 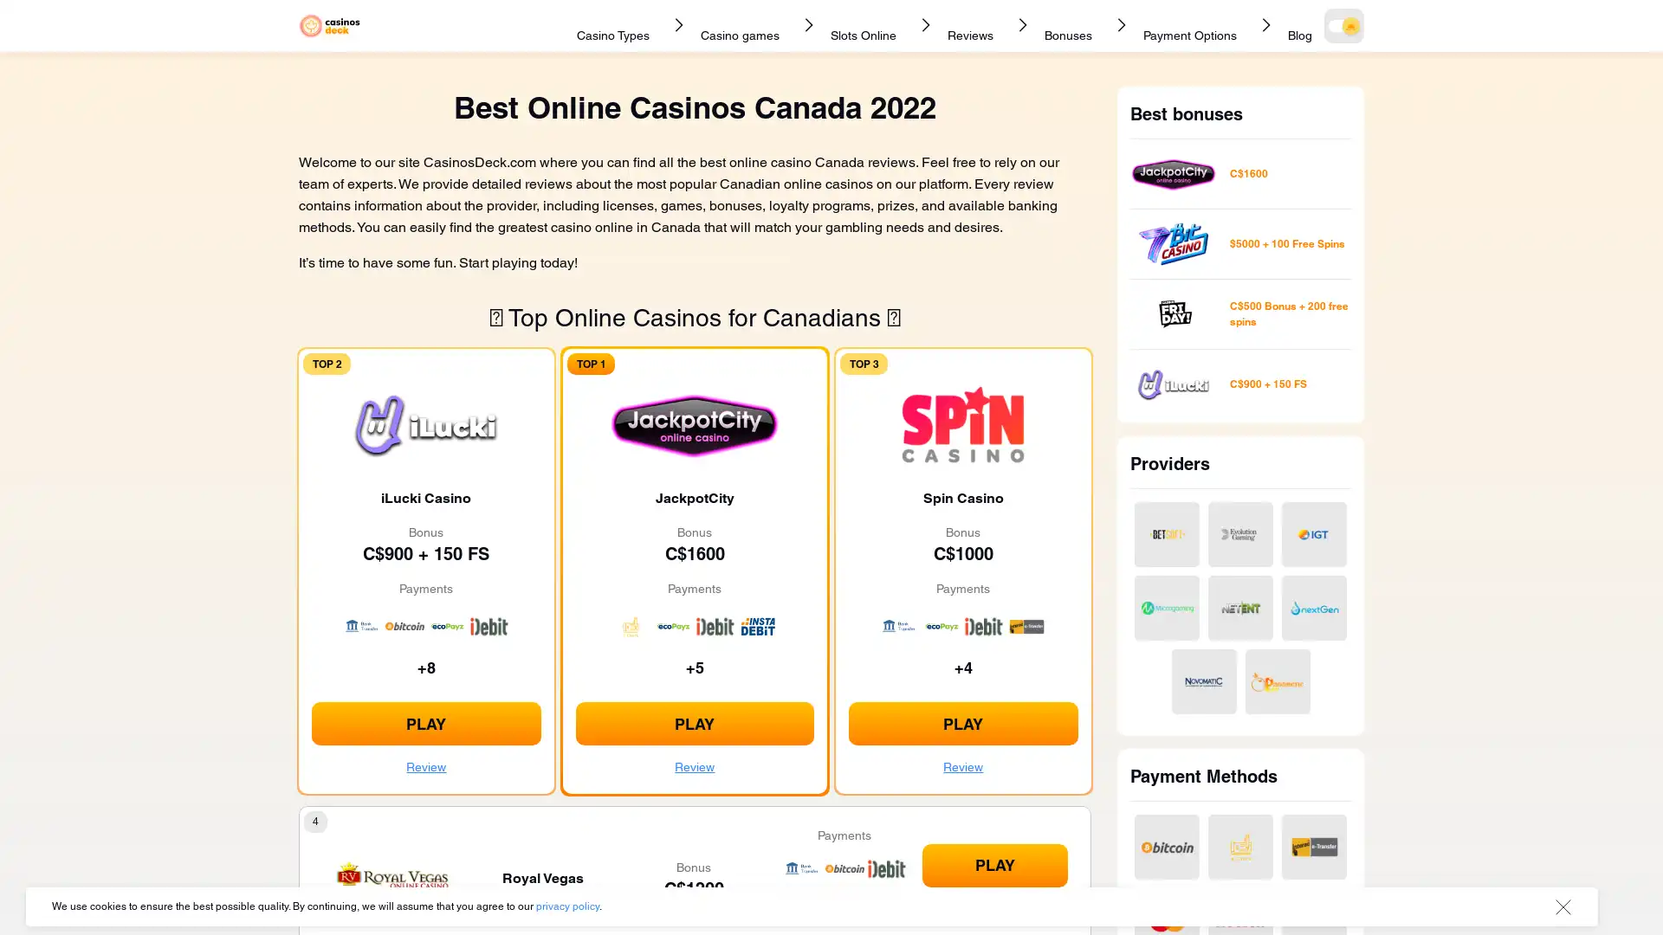 What do you see at coordinates (962, 724) in the screenshot?
I see `PLAY` at bounding box center [962, 724].